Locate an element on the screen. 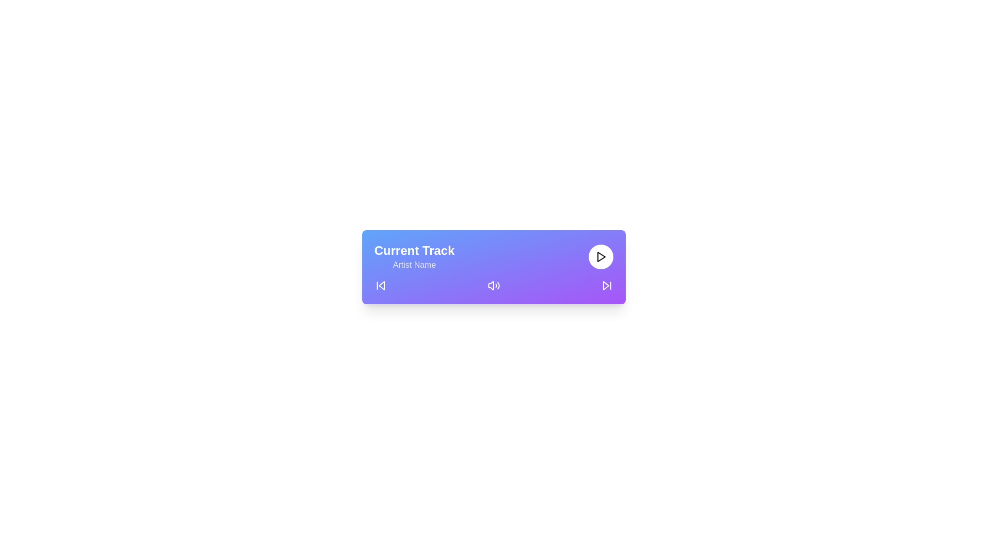 The height and width of the screenshot is (555, 988). the playback button located in the top-right corner of the music player interface, aligned with 'Current Track' and 'Artist Name', to navigate via keyboard is located at coordinates (601, 256).